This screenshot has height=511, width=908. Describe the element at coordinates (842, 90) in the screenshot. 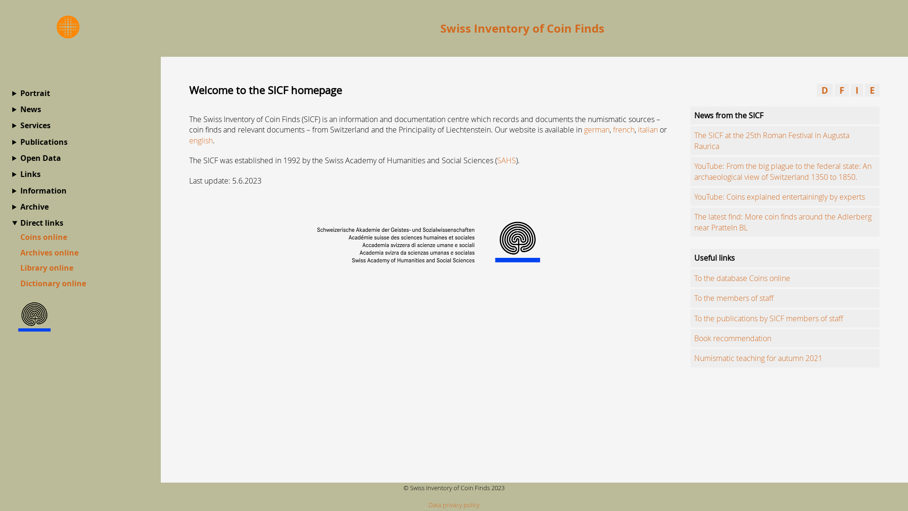

I see `'F'` at that location.